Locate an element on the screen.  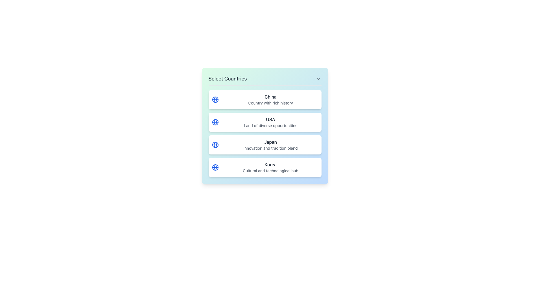
the selectable card for 'Japan' in the 'Select Countries' section, which is the third option in the list is located at coordinates (265, 145).